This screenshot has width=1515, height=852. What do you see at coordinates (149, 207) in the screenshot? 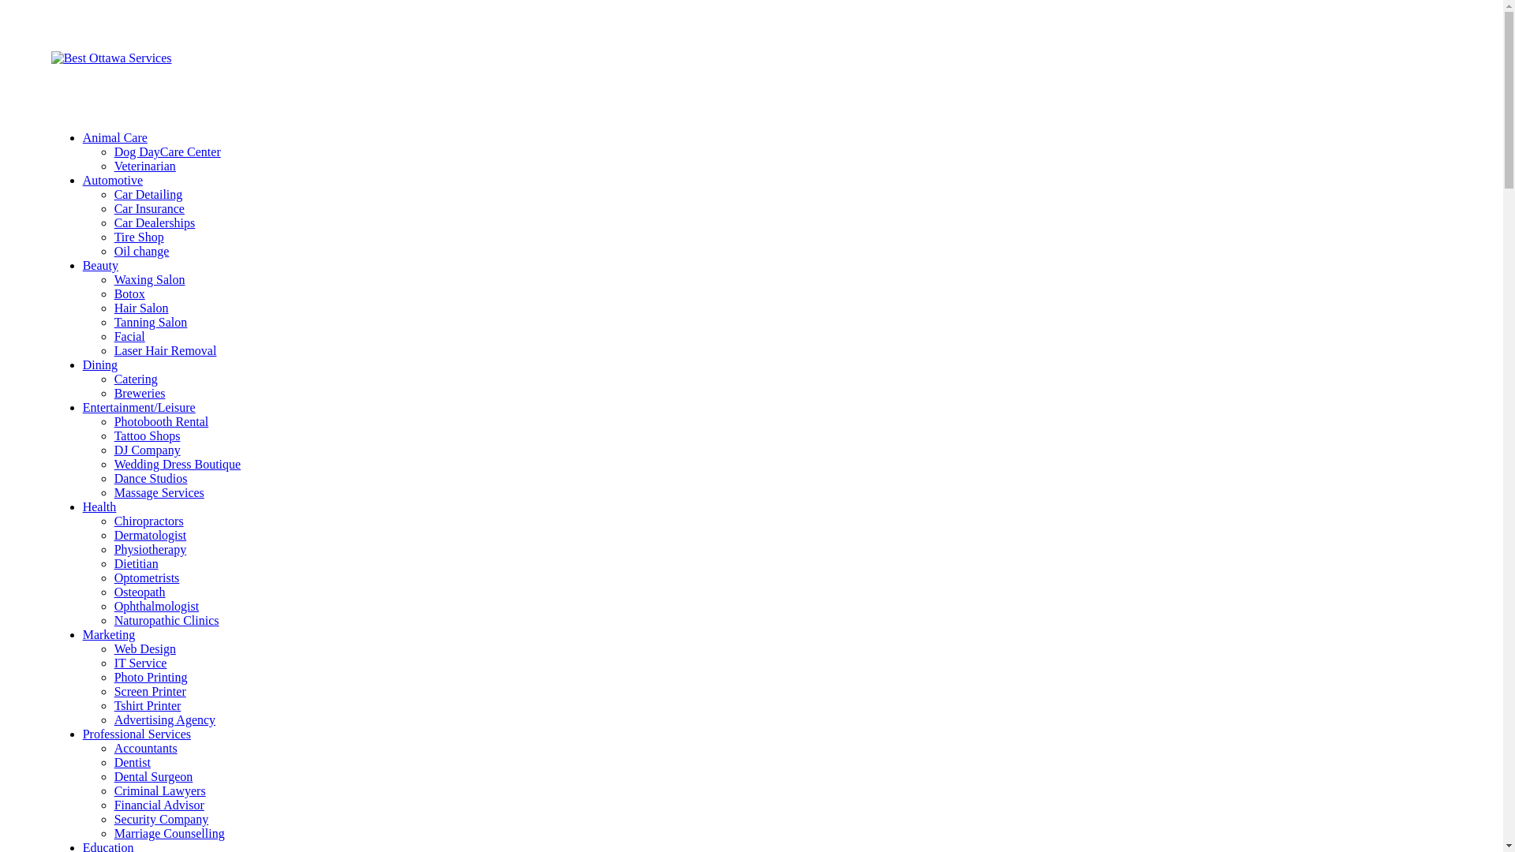
I see `'Car Insurance'` at bounding box center [149, 207].